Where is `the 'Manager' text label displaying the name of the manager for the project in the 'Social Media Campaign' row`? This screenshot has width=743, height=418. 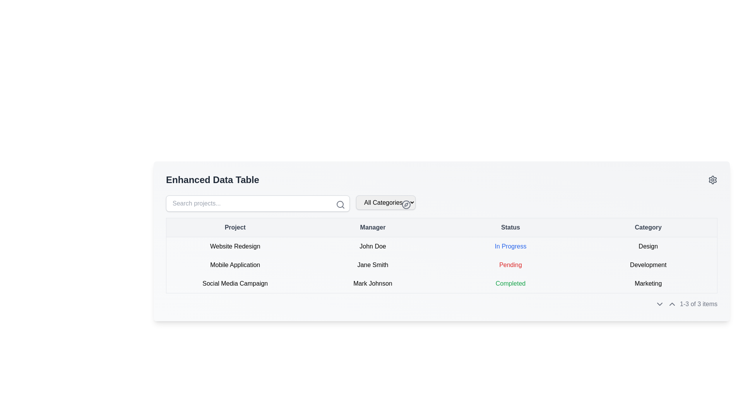
the 'Manager' text label displaying the name of the manager for the project in the 'Social Media Campaign' row is located at coordinates (373, 284).